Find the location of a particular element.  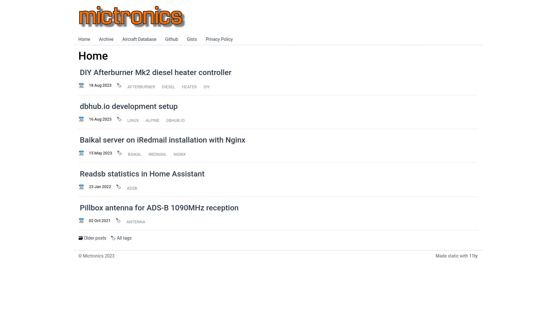

'Archive' is located at coordinates (106, 39).